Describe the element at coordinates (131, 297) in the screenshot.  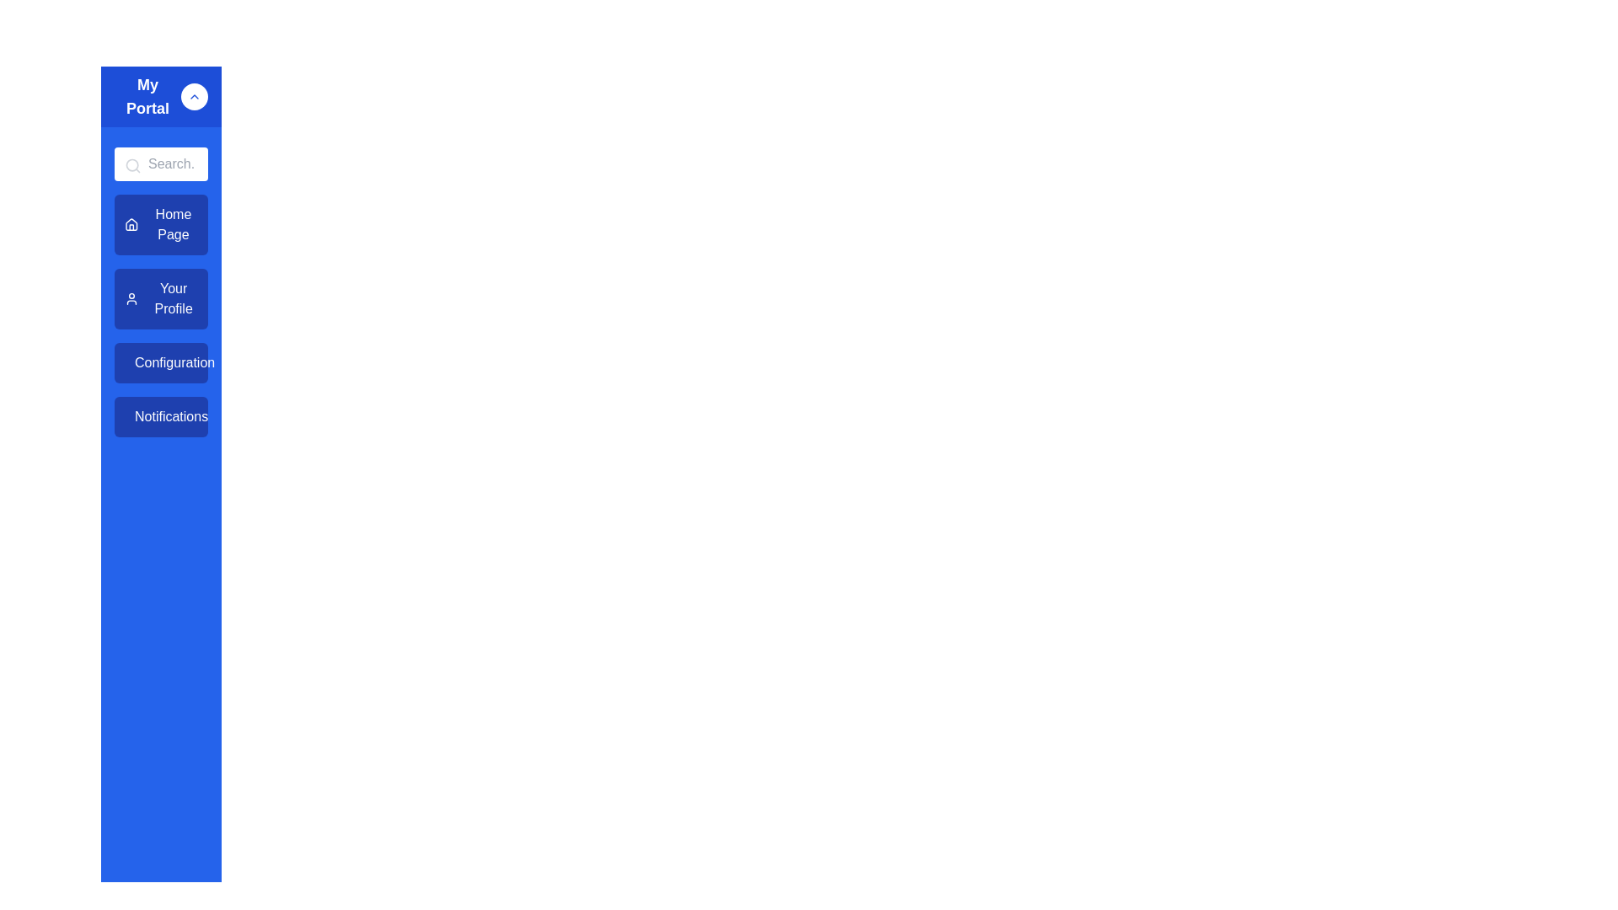
I see `the 'Your Profile' button located in the left sidebar, which features a user profile icon with a circular head and curved body` at that location.